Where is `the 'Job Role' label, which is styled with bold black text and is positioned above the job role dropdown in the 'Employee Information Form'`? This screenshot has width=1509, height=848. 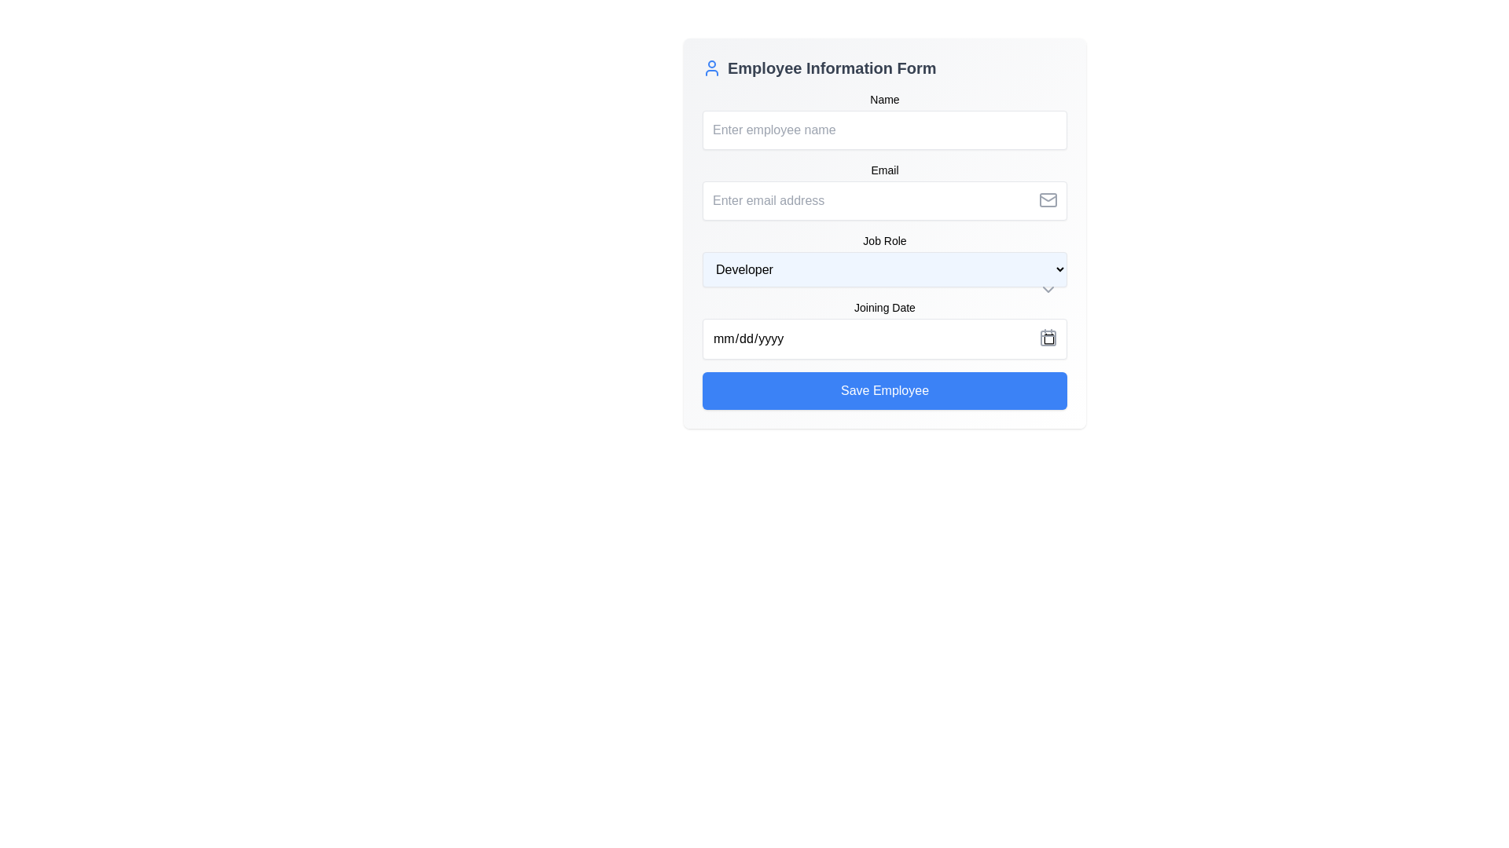 the 'Job Role' label, which is styled with bold black text and is positioned above the job role dropdown in the 'Employee Information Form' is located at coordinates (885, 241).